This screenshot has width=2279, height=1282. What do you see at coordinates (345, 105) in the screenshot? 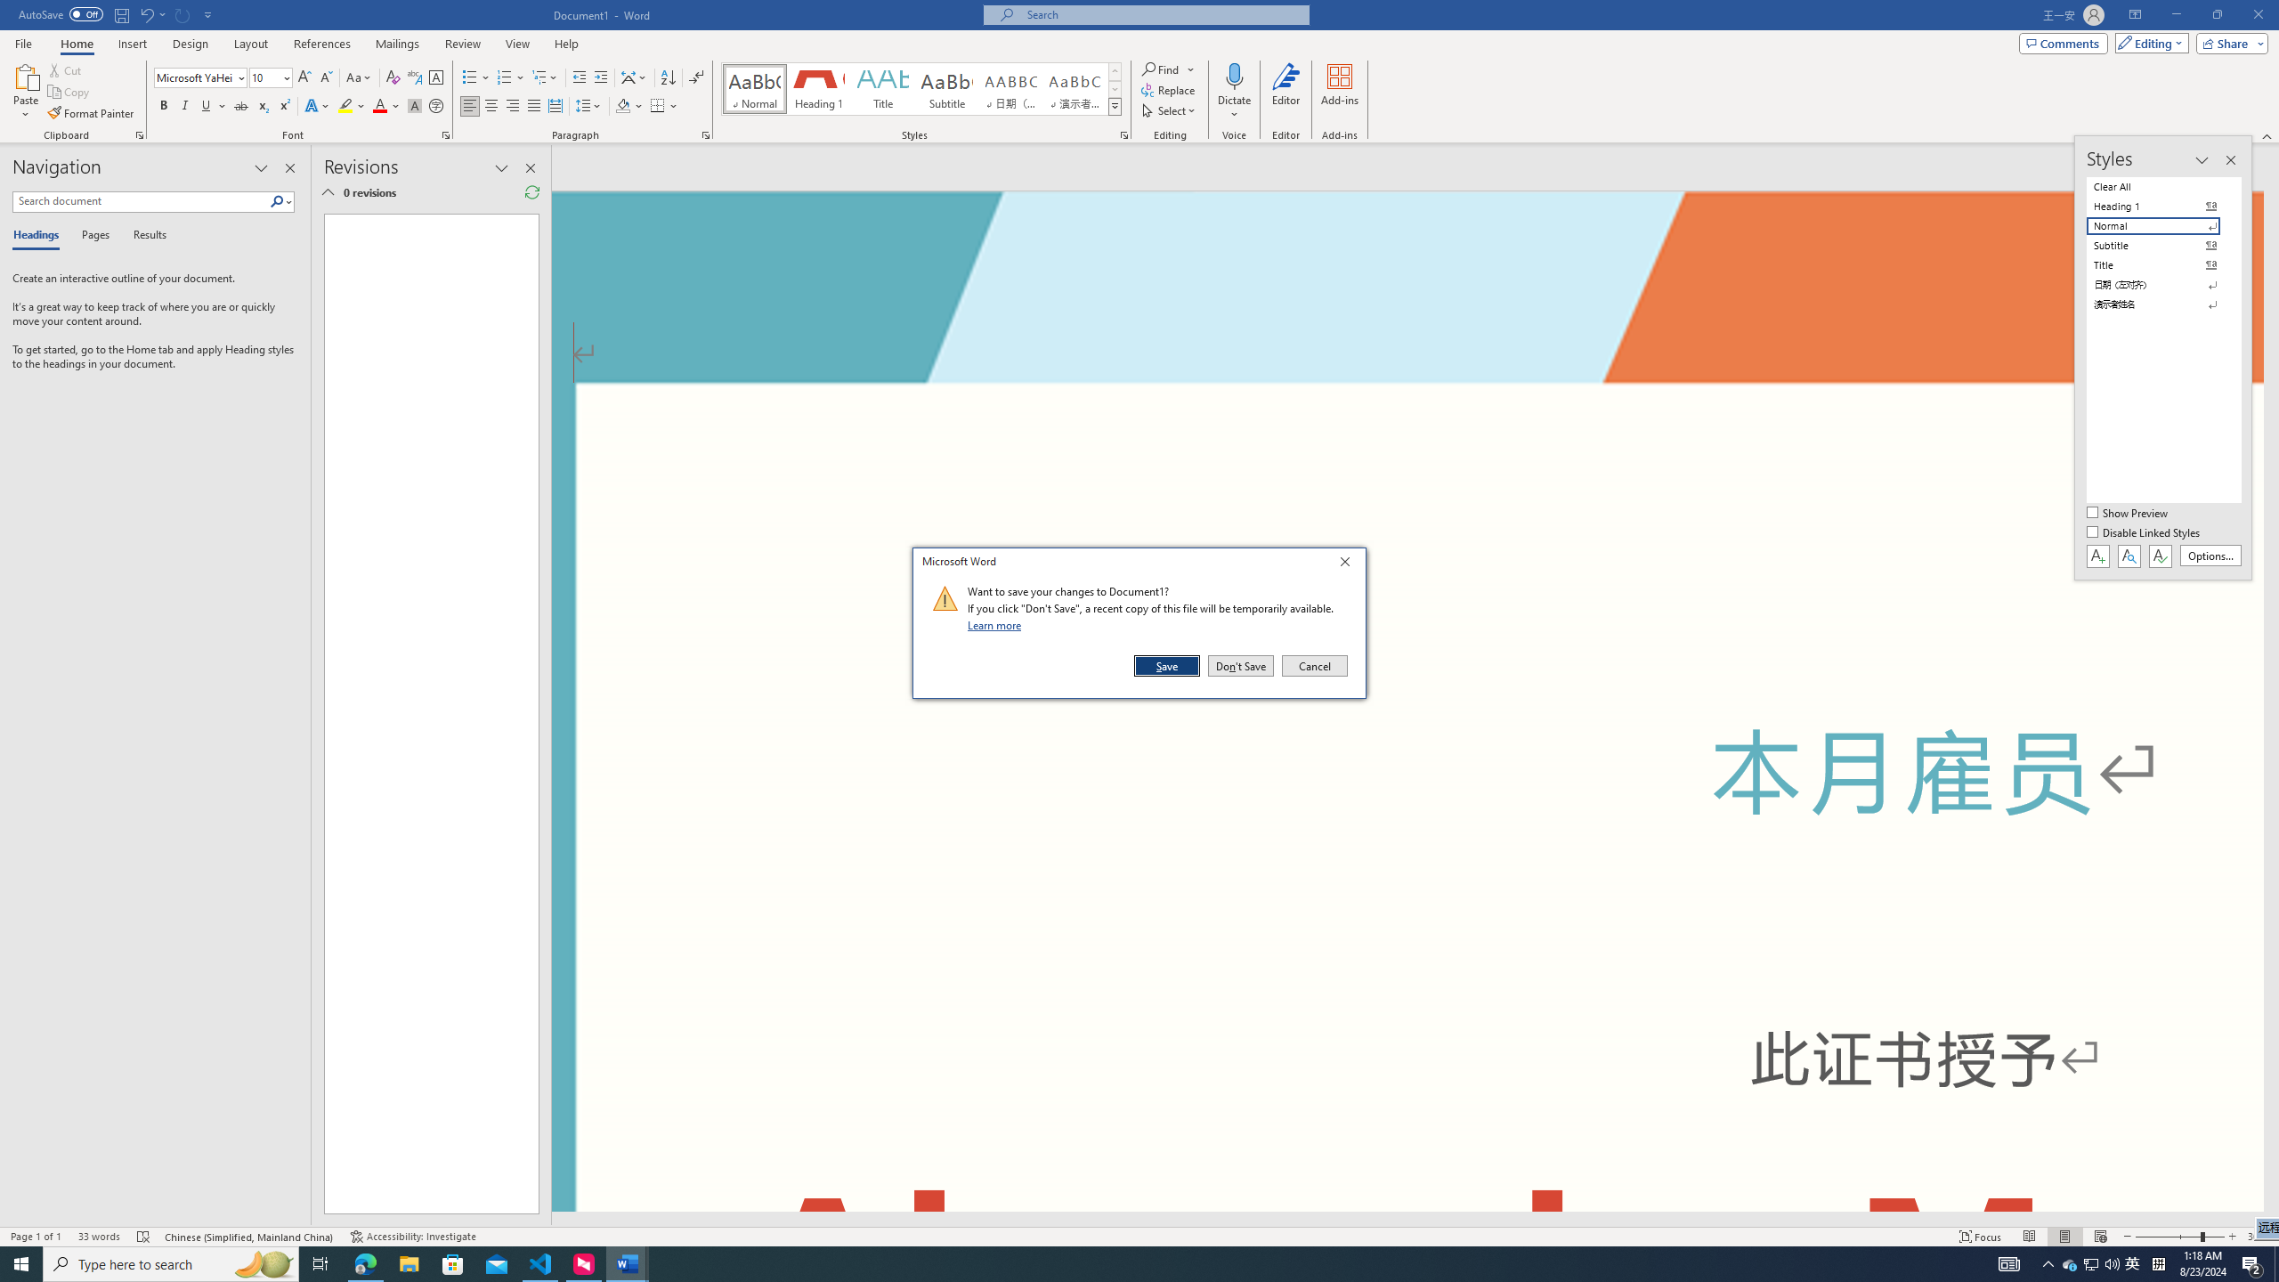
I see `'Text Highlight Color Yellow'` at bounding box center [345, 105].